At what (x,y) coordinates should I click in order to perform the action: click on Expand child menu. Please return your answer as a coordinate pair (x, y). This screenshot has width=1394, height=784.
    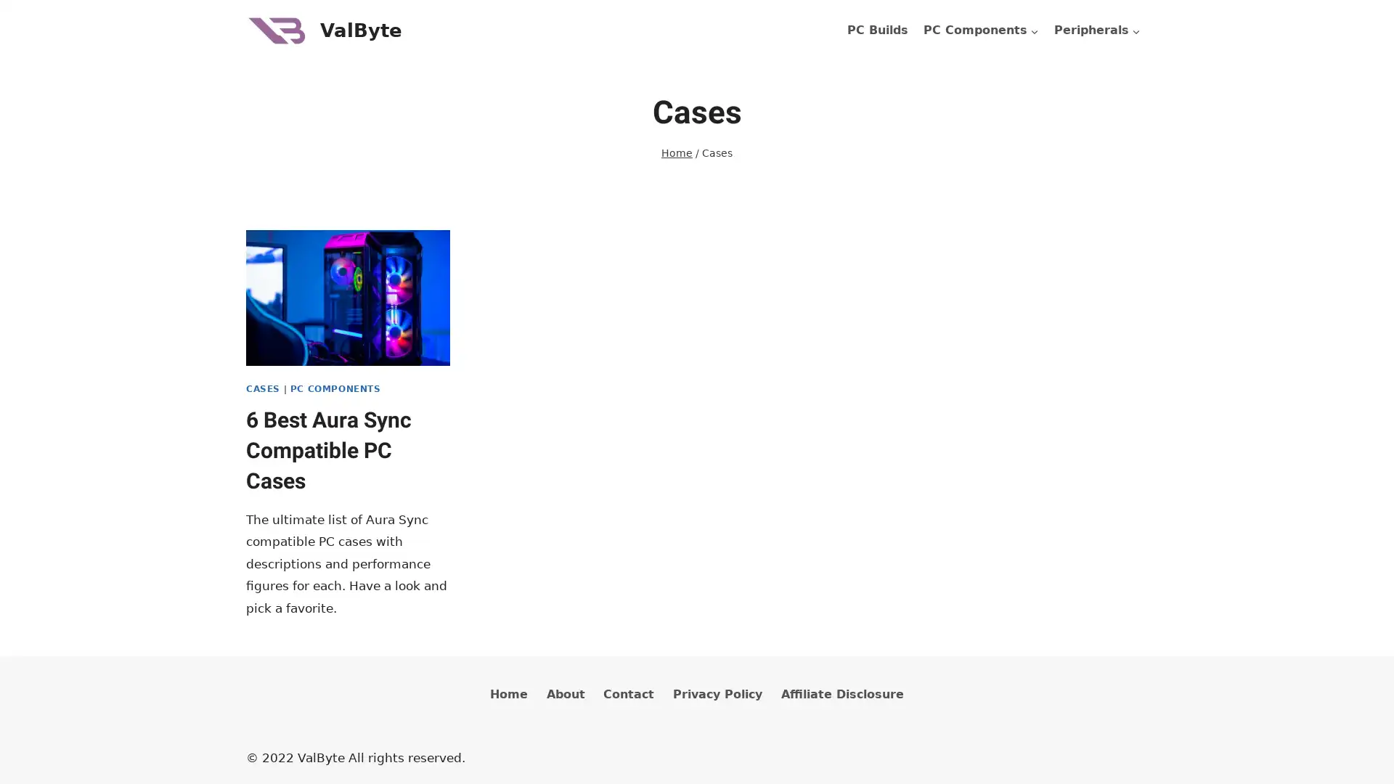
    Looking at the image, I should click on (980, 30).